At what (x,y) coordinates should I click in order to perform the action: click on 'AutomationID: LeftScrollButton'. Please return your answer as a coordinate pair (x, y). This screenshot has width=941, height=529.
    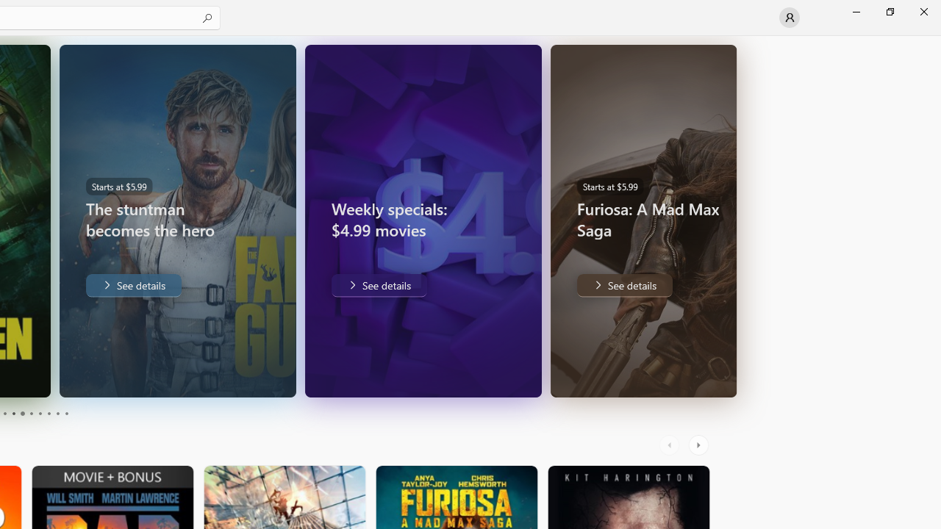
    Looking at the image, I should click on (670, 445).